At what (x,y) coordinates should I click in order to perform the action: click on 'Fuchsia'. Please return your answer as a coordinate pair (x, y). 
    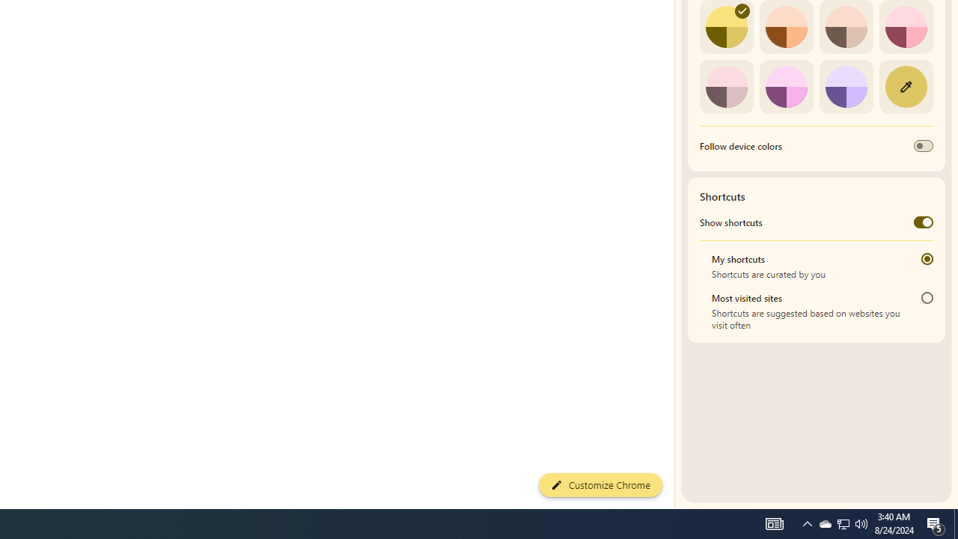
    Looking at the image, I should click on (785, 86).